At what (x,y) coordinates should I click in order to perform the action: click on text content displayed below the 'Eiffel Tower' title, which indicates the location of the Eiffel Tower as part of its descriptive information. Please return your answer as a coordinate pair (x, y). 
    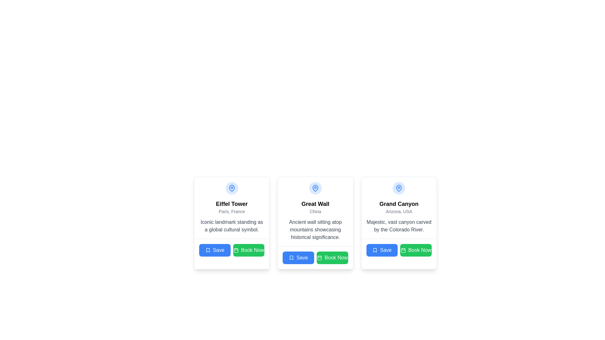
    Looking at the image, I should click on (231, 211).